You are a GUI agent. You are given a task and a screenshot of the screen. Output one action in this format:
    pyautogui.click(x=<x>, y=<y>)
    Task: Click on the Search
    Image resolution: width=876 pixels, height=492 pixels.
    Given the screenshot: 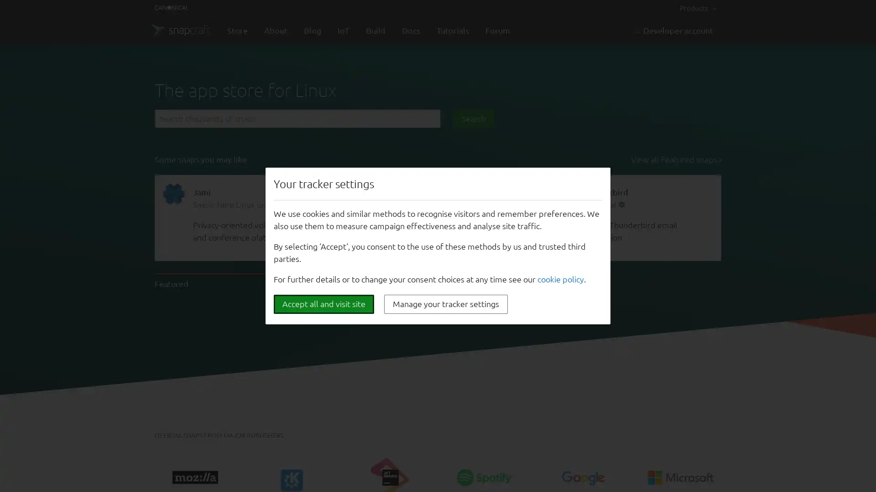 What is the action you would take?
    pyautogui.click(x=474, y=118)
    